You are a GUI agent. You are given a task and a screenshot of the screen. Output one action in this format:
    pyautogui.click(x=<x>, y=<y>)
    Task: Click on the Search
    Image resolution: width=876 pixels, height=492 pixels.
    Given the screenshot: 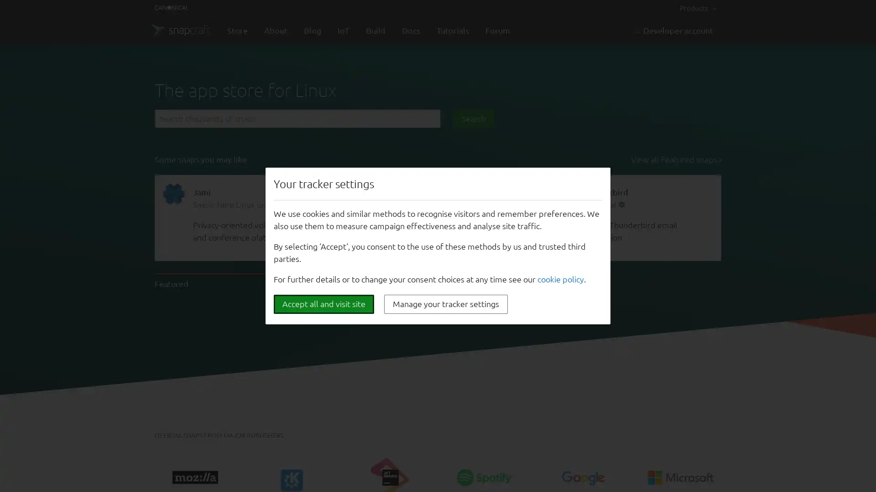 What is the action you would take?
    pyautogui.click(x=474, y=118)
    